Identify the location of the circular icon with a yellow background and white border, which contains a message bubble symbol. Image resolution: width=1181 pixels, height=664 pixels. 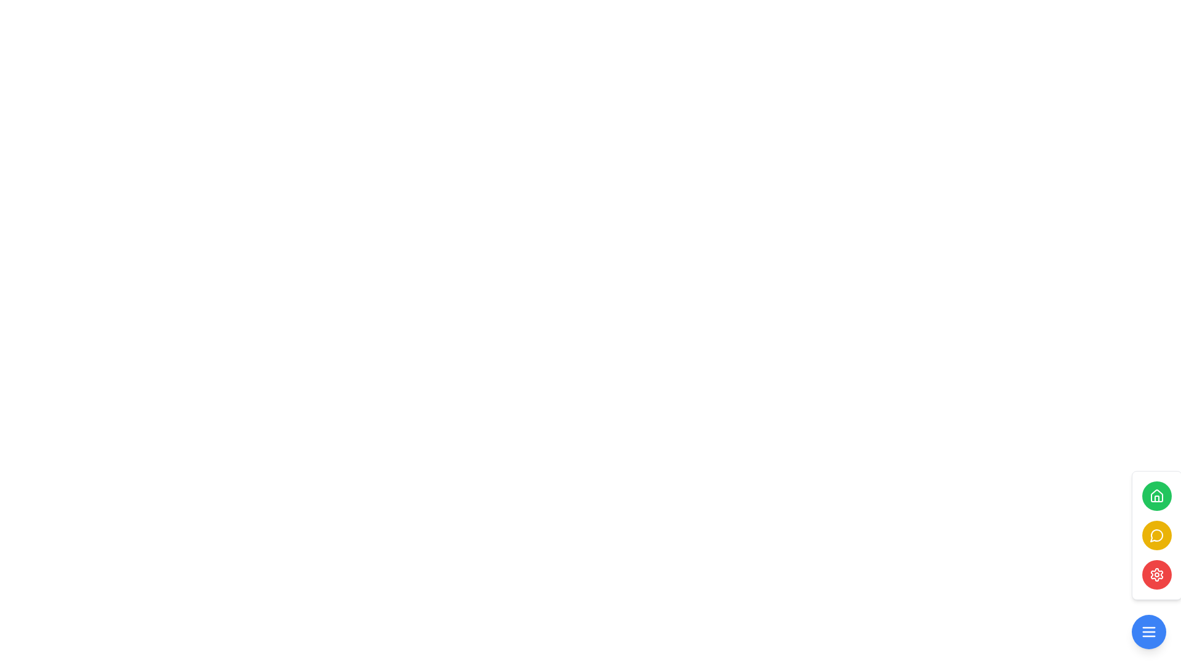
(1156, 535).